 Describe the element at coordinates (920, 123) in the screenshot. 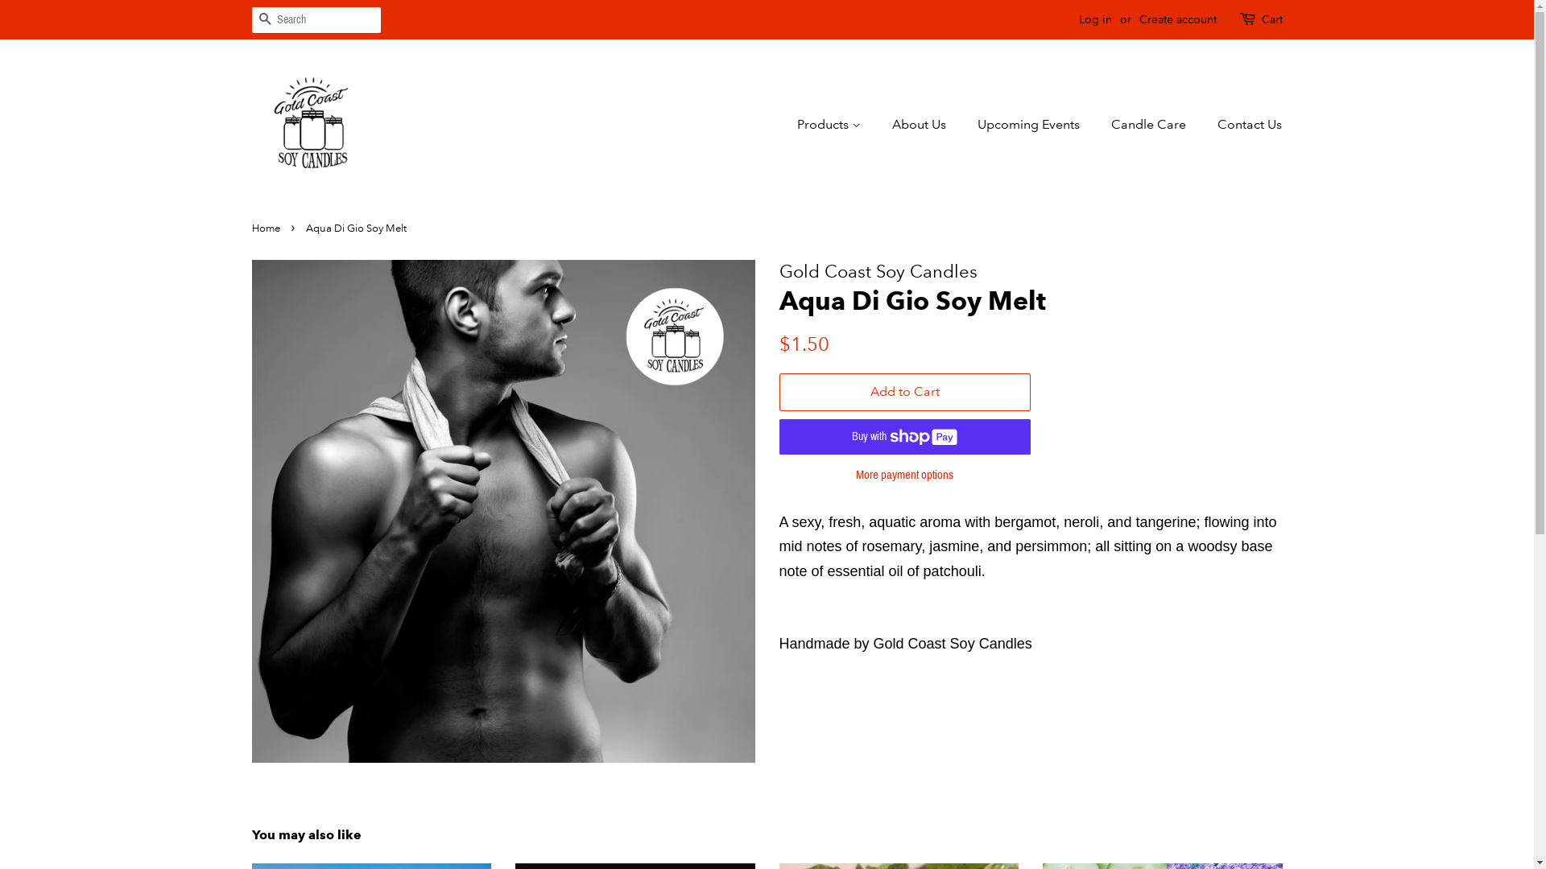

I see `'About Us'` at that location.